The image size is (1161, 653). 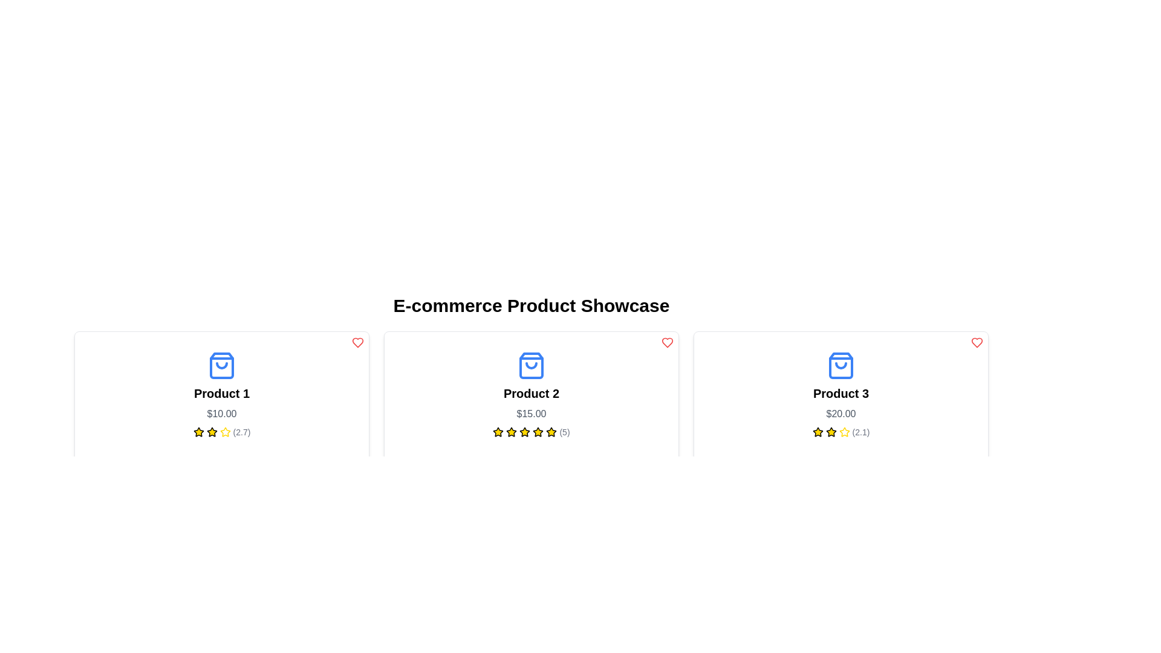 I want to click on the text element displaying the user rating for 'Product 1', located below the product's image and price, to the right of the last star, so click(x=241, y=431).